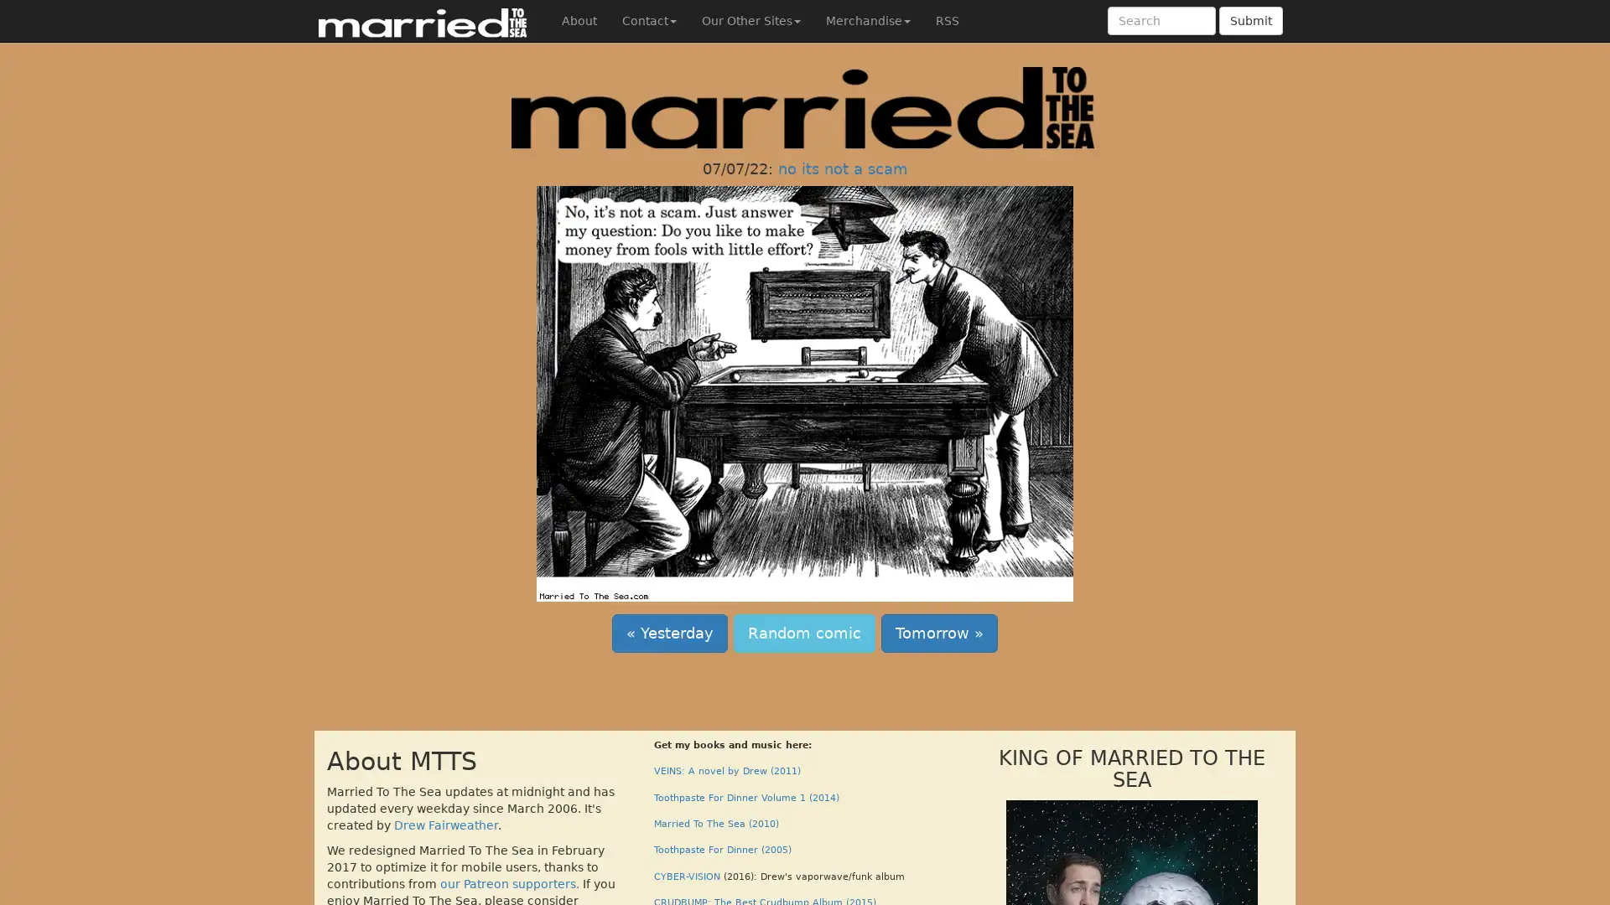 This screenshot has height=905, width=1610. I want to click on Submit, so click(1251, 20).